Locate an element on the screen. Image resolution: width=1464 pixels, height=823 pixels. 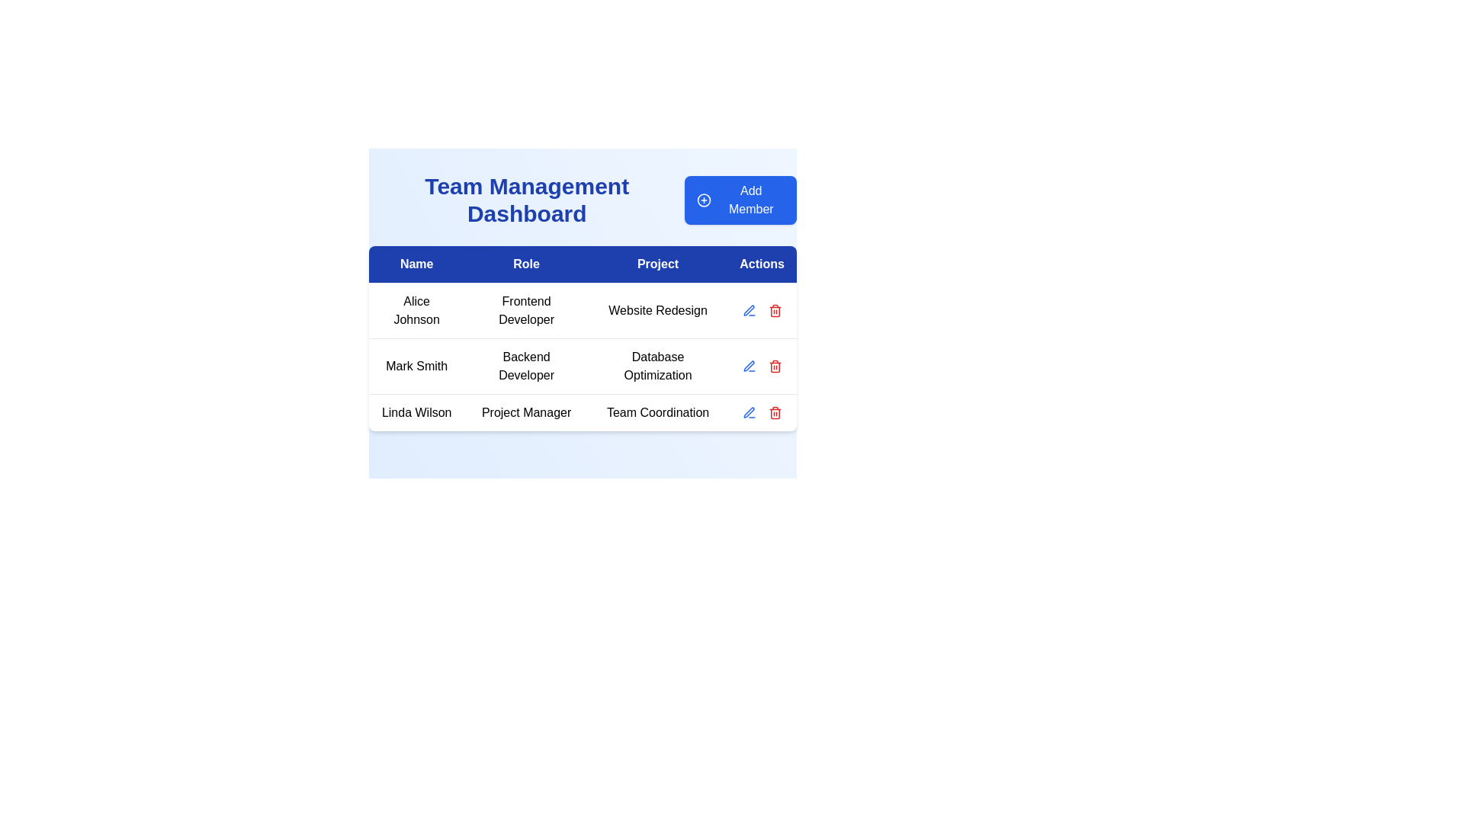
the 'Name' label, which is the leftmost label in a row of four labels at the top of a table, styled in white text on a dark blue background is located at coordinates (416, 264).